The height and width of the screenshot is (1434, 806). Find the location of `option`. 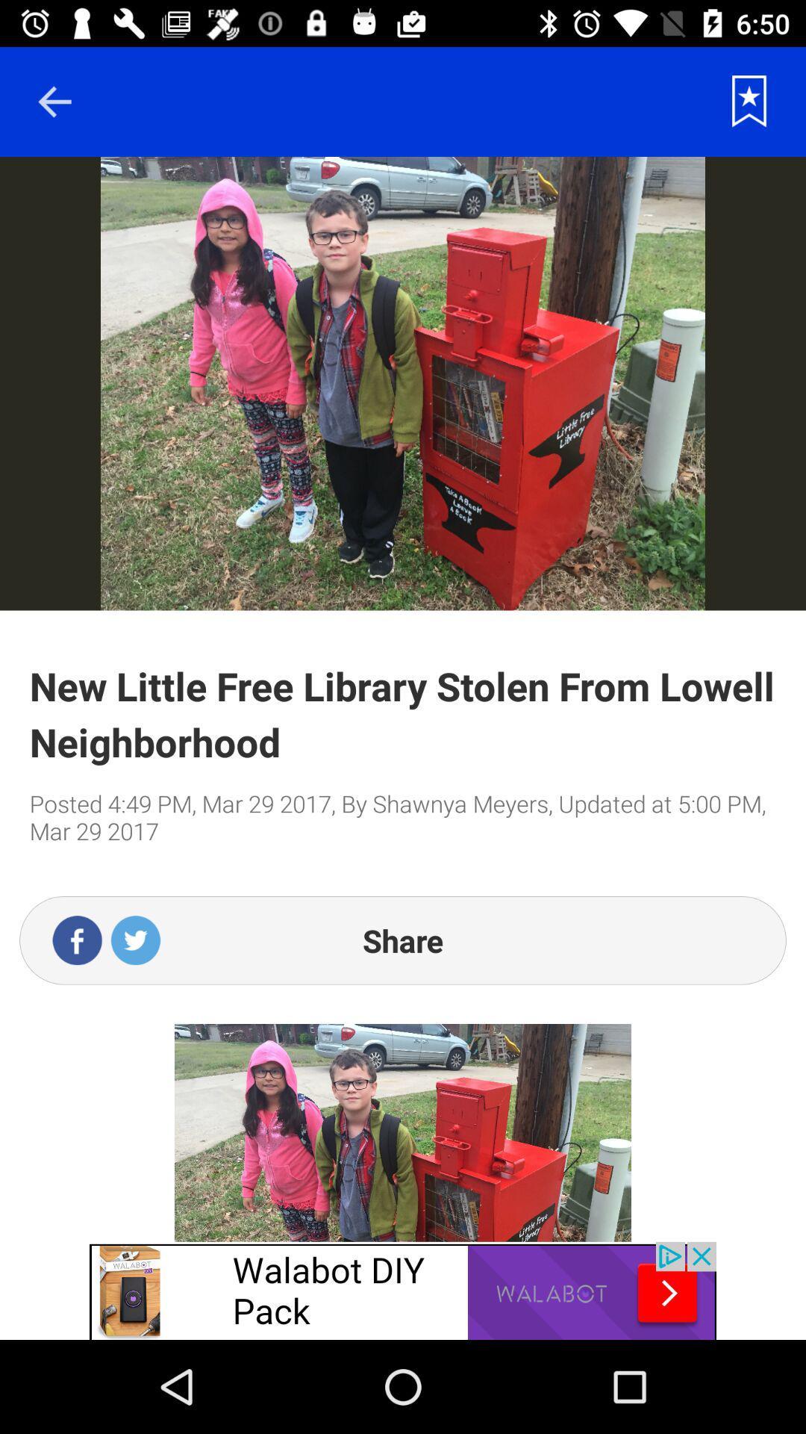

option is located at coordinates (749, 101).